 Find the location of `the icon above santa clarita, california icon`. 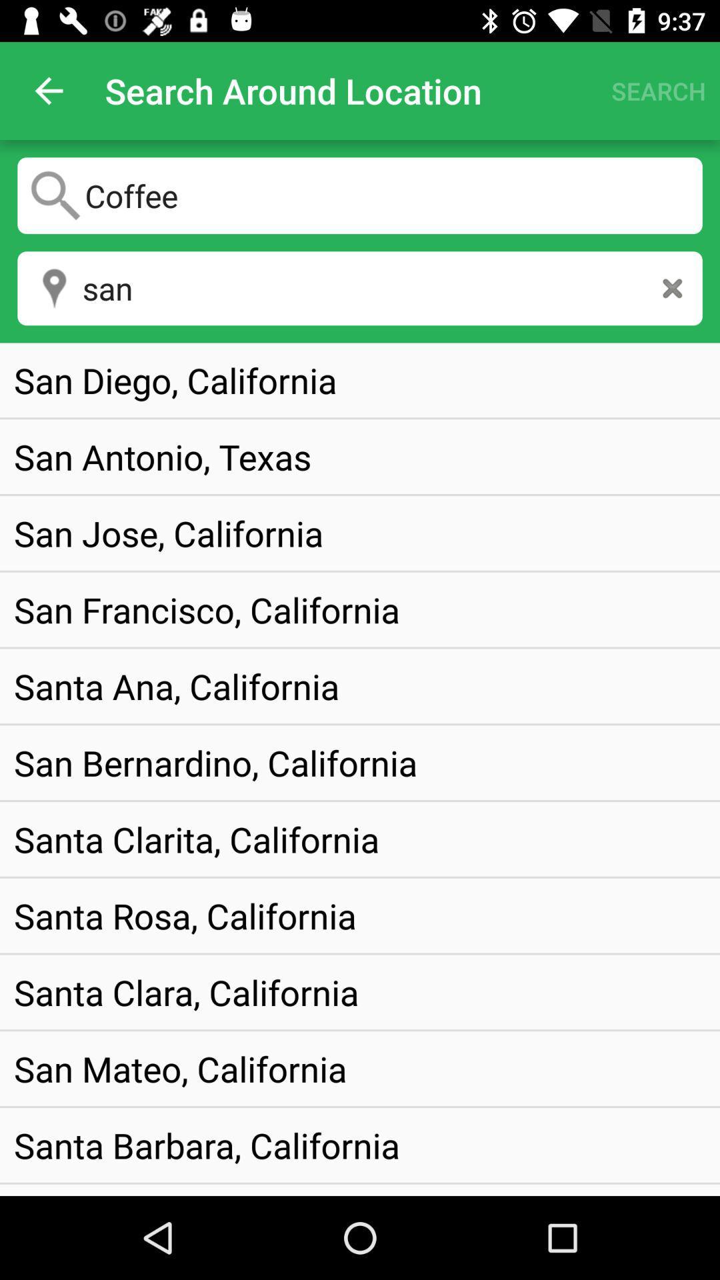

the icon above santa clarita, california icon is located at coordinates (215, 763).